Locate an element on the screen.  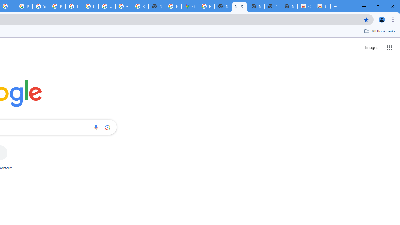
'Search by voice' is located at coordinates (96, 127).